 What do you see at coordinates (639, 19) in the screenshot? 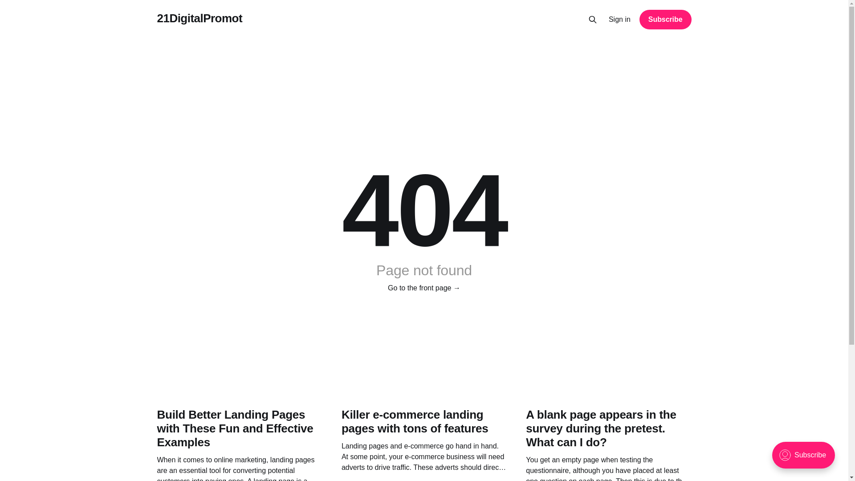
I see `'Subscribe'` at bounding box center [639, 19].